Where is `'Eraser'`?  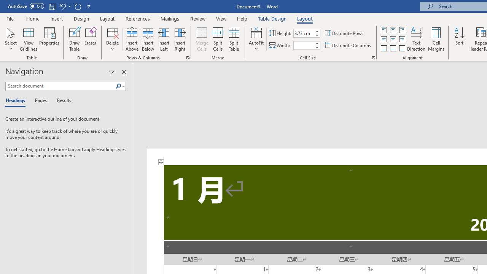 'Eraser' is located at coordinates (91, 39).